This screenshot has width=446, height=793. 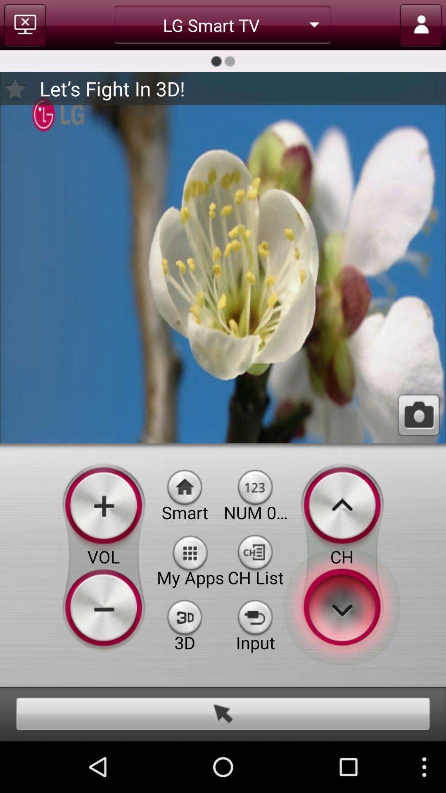 I want to click on the my apps icon, so click(x=190, y=552).